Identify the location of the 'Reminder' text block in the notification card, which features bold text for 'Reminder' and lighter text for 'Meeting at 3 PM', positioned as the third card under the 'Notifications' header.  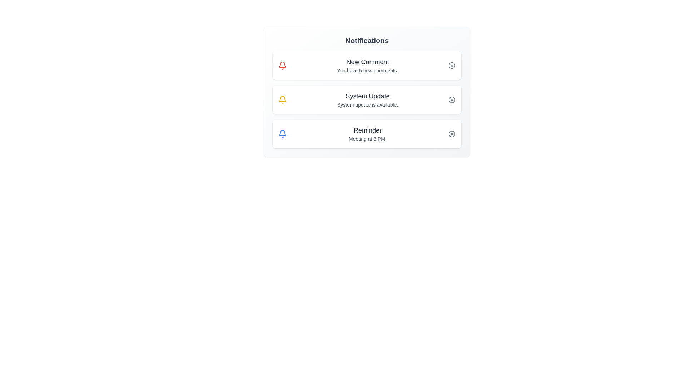
(367, 134).